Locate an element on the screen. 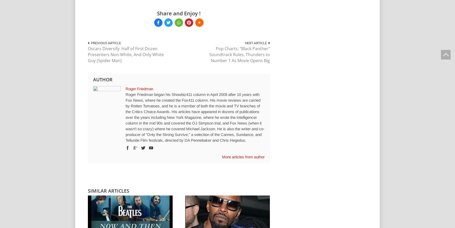  'Next article' is located at coordinates (255, 42).